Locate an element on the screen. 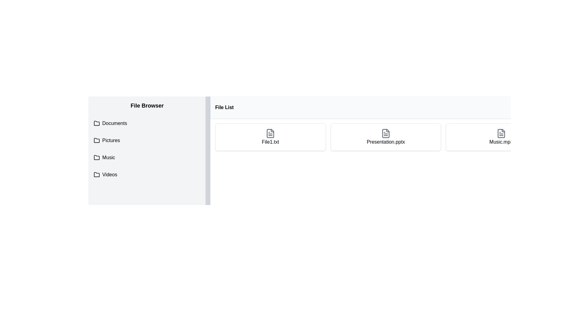  the first file card element in the top-left corner of the file list section is located at coordinates (270, 137).